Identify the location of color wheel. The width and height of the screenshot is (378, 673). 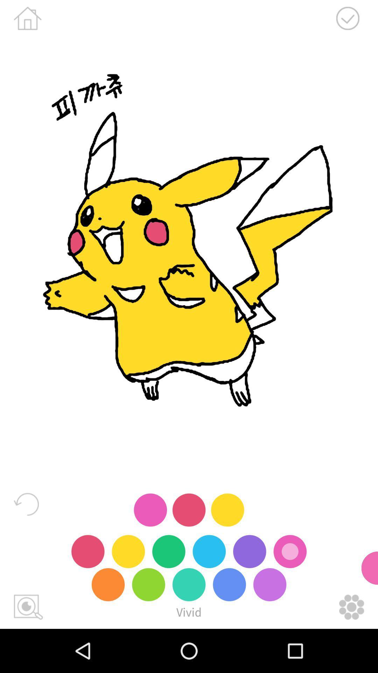
(351, 607).